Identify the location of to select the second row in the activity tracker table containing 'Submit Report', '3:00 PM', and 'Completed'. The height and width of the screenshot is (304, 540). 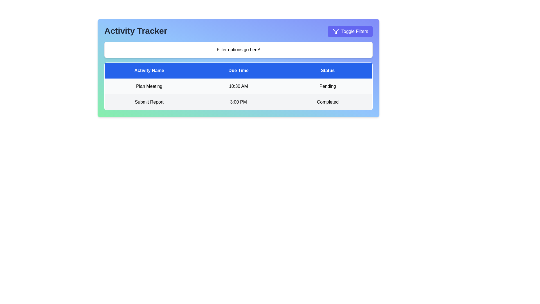
(238, 102).